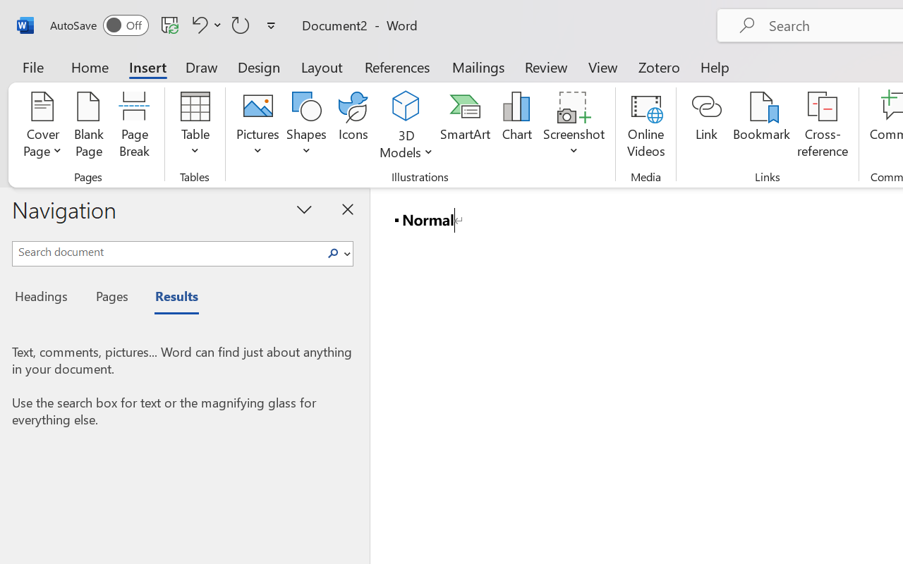  What do you see at coordinates (167, 252) in the screenshot?
I see `'Search document'` at bounding box center [167, 252].